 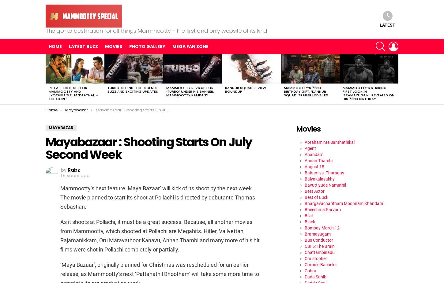 What do you see at coordinates (344, 203) in the screenshot?
I see `'Bhargavacharitham Moonnam Khandam'` at bounding box center [344, 203].